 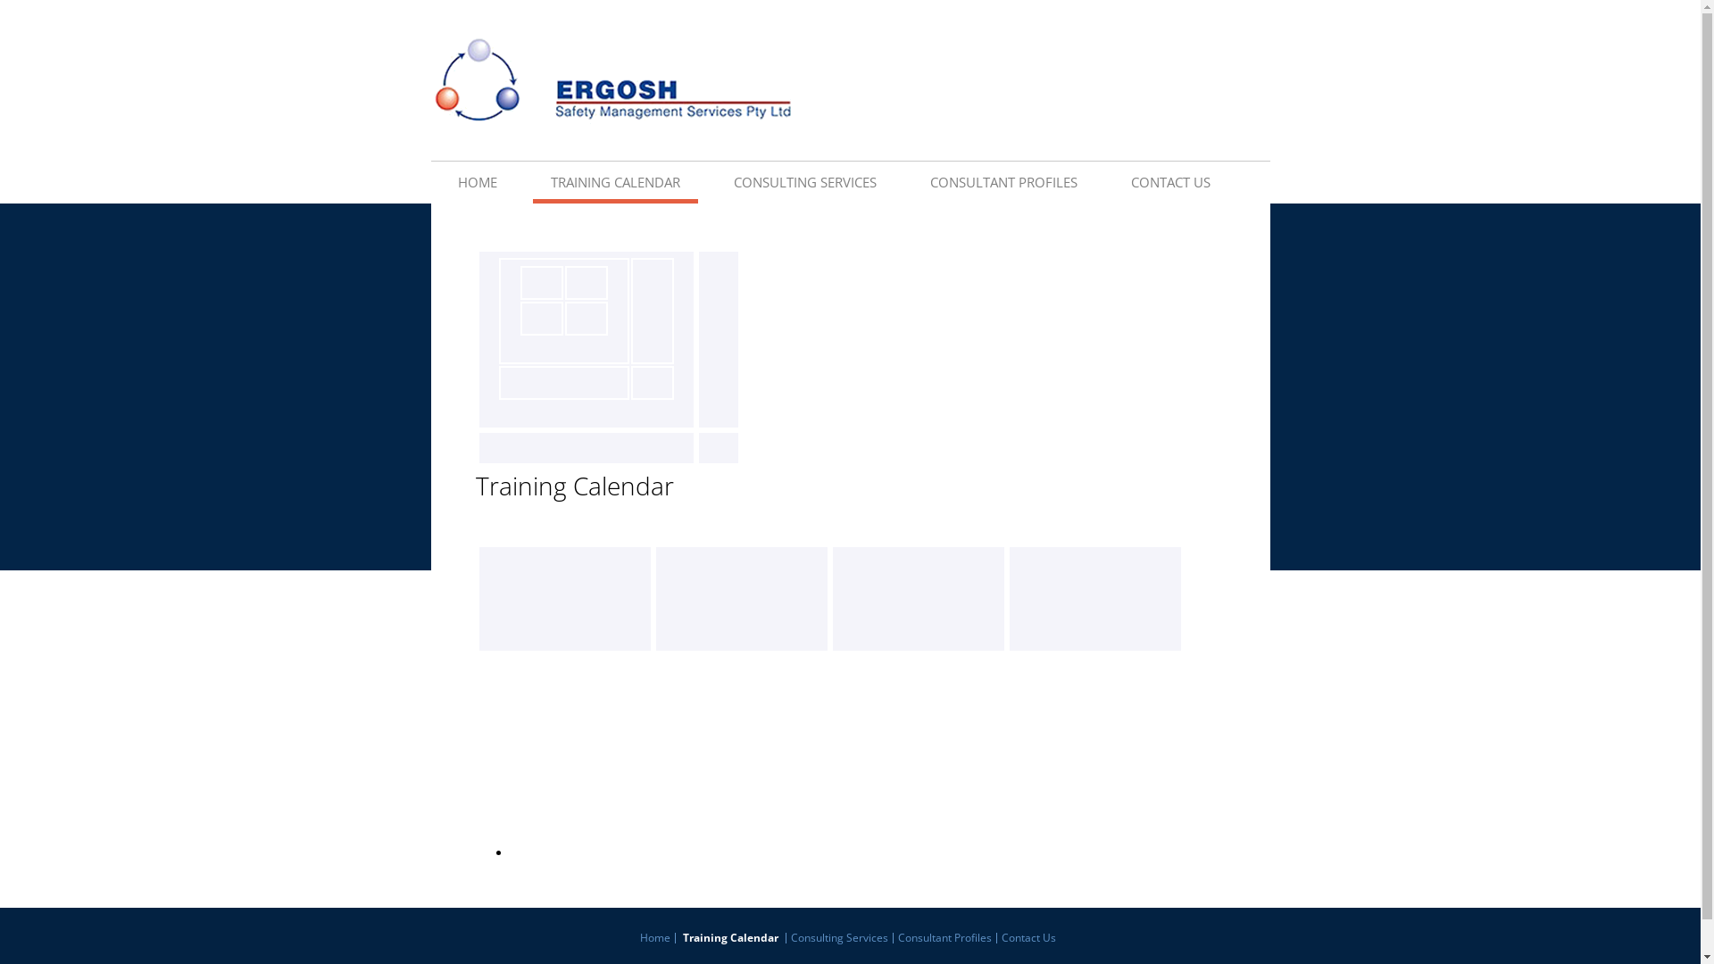 What do you see at coordinates (838, 936) in the screenshot?
I see `'Consulting Services'` at bounding box center [838, 936].